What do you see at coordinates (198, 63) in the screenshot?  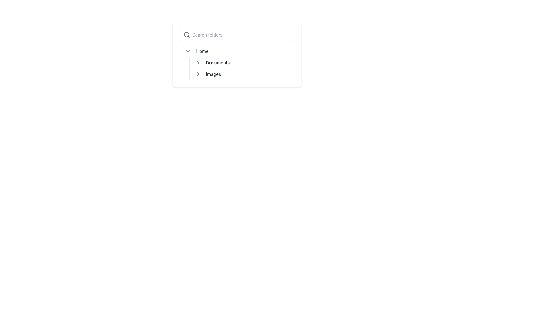 I see `the left-chevron icon located to the left of the 'Documents' label` at bounding box center [198, 63].